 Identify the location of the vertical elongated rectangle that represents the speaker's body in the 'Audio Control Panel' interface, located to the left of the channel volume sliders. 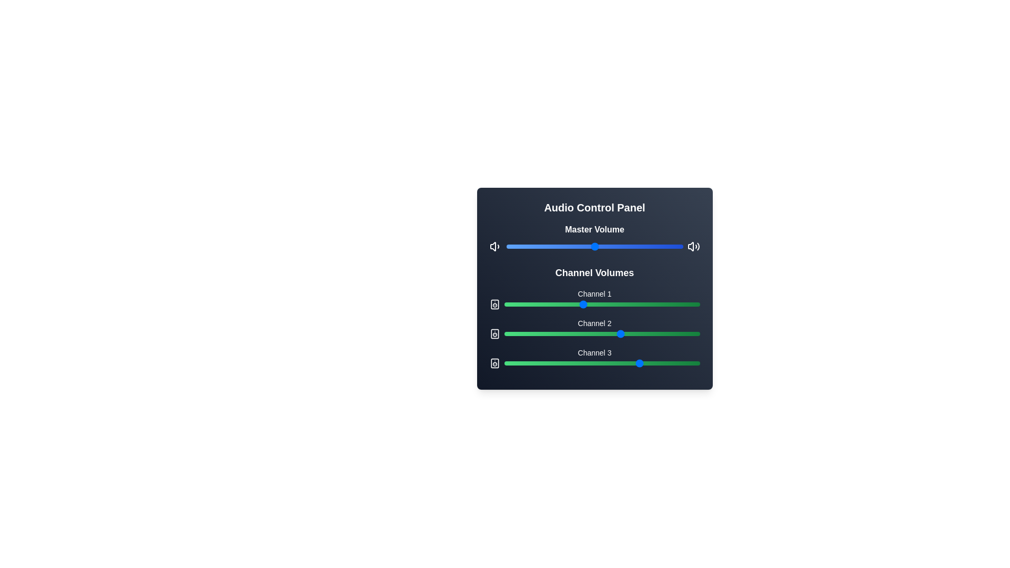
(494, 304).